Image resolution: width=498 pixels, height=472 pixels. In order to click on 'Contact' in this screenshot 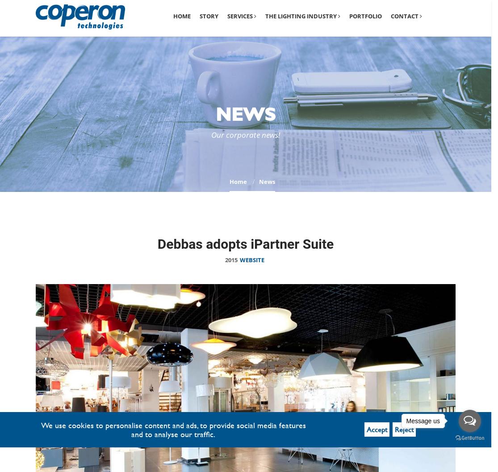, I will do `click(405, 16)`.